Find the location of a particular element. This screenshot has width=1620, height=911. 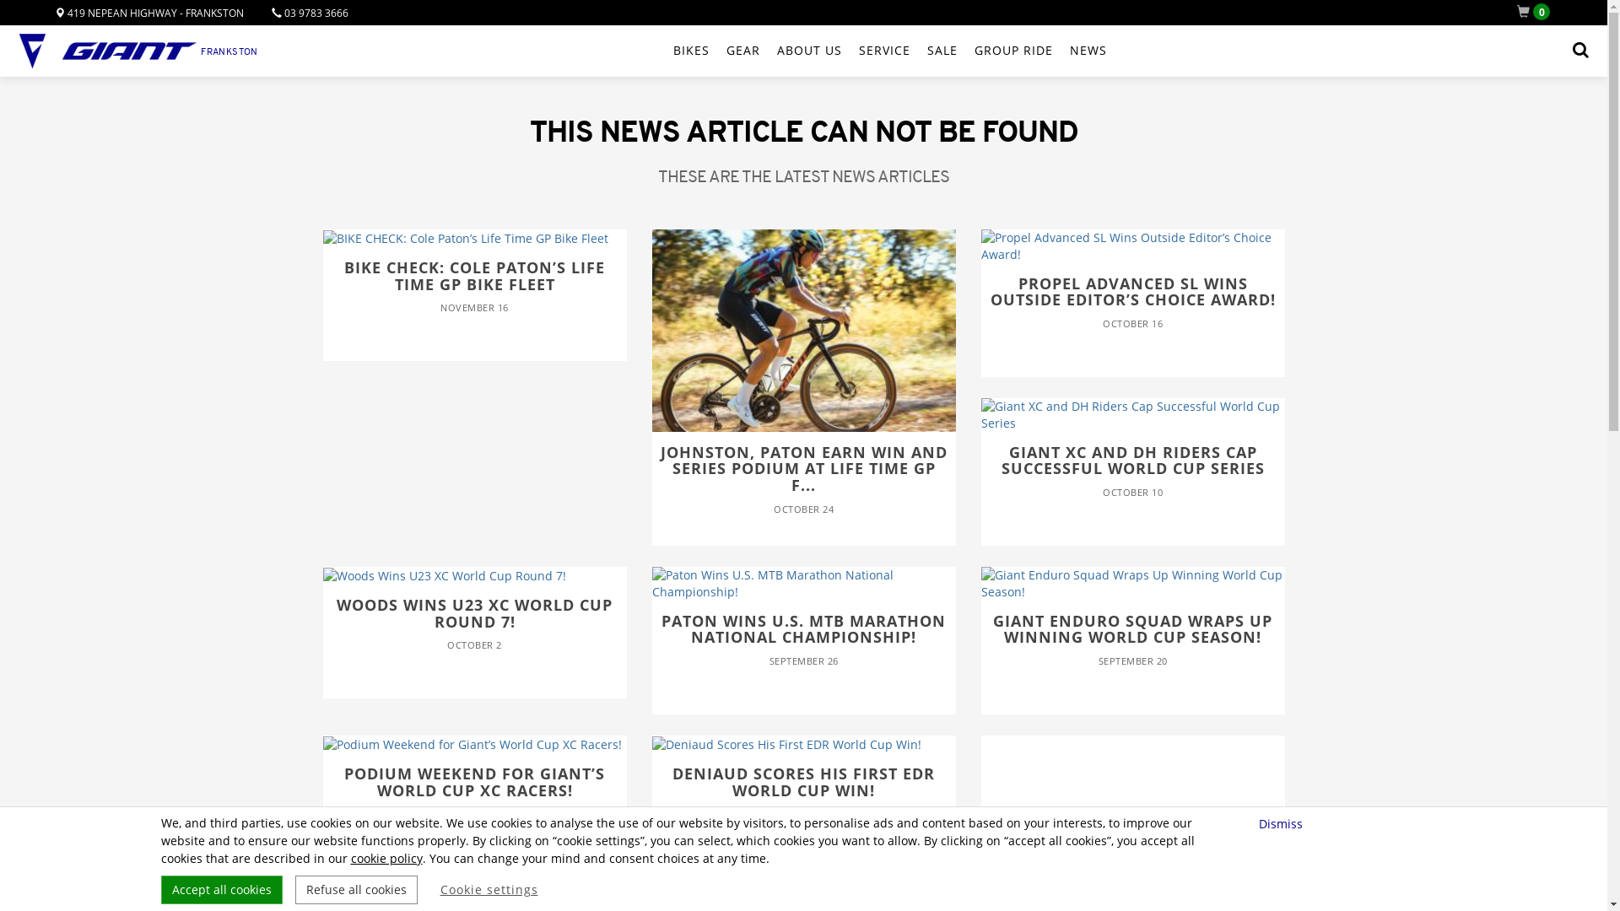

'0 item(s) in cart is located at coordinates (1536, 12).